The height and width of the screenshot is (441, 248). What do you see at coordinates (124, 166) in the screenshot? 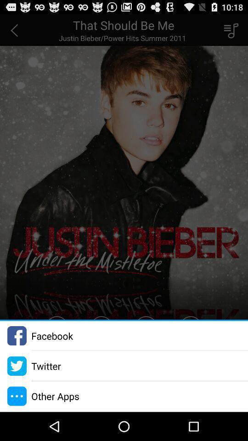
I see `the icon at the center` at bounding box center [124, 166].